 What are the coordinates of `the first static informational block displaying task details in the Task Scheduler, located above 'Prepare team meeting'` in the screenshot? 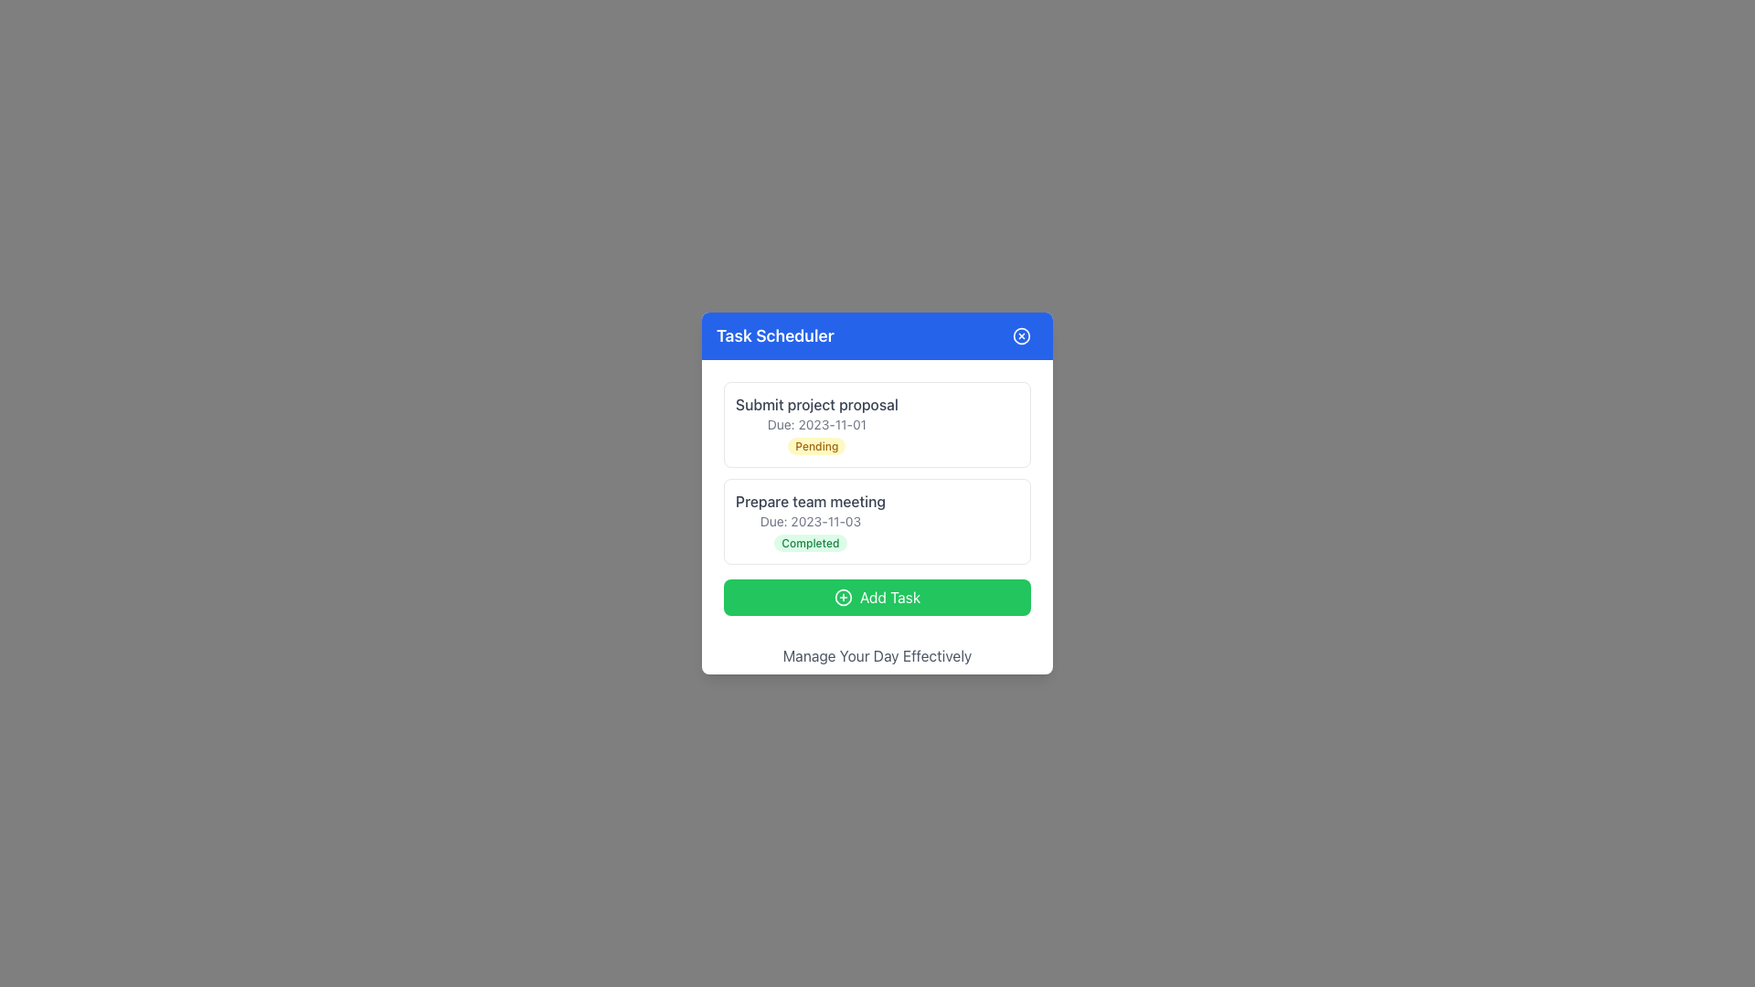 It's located at (815, 425).